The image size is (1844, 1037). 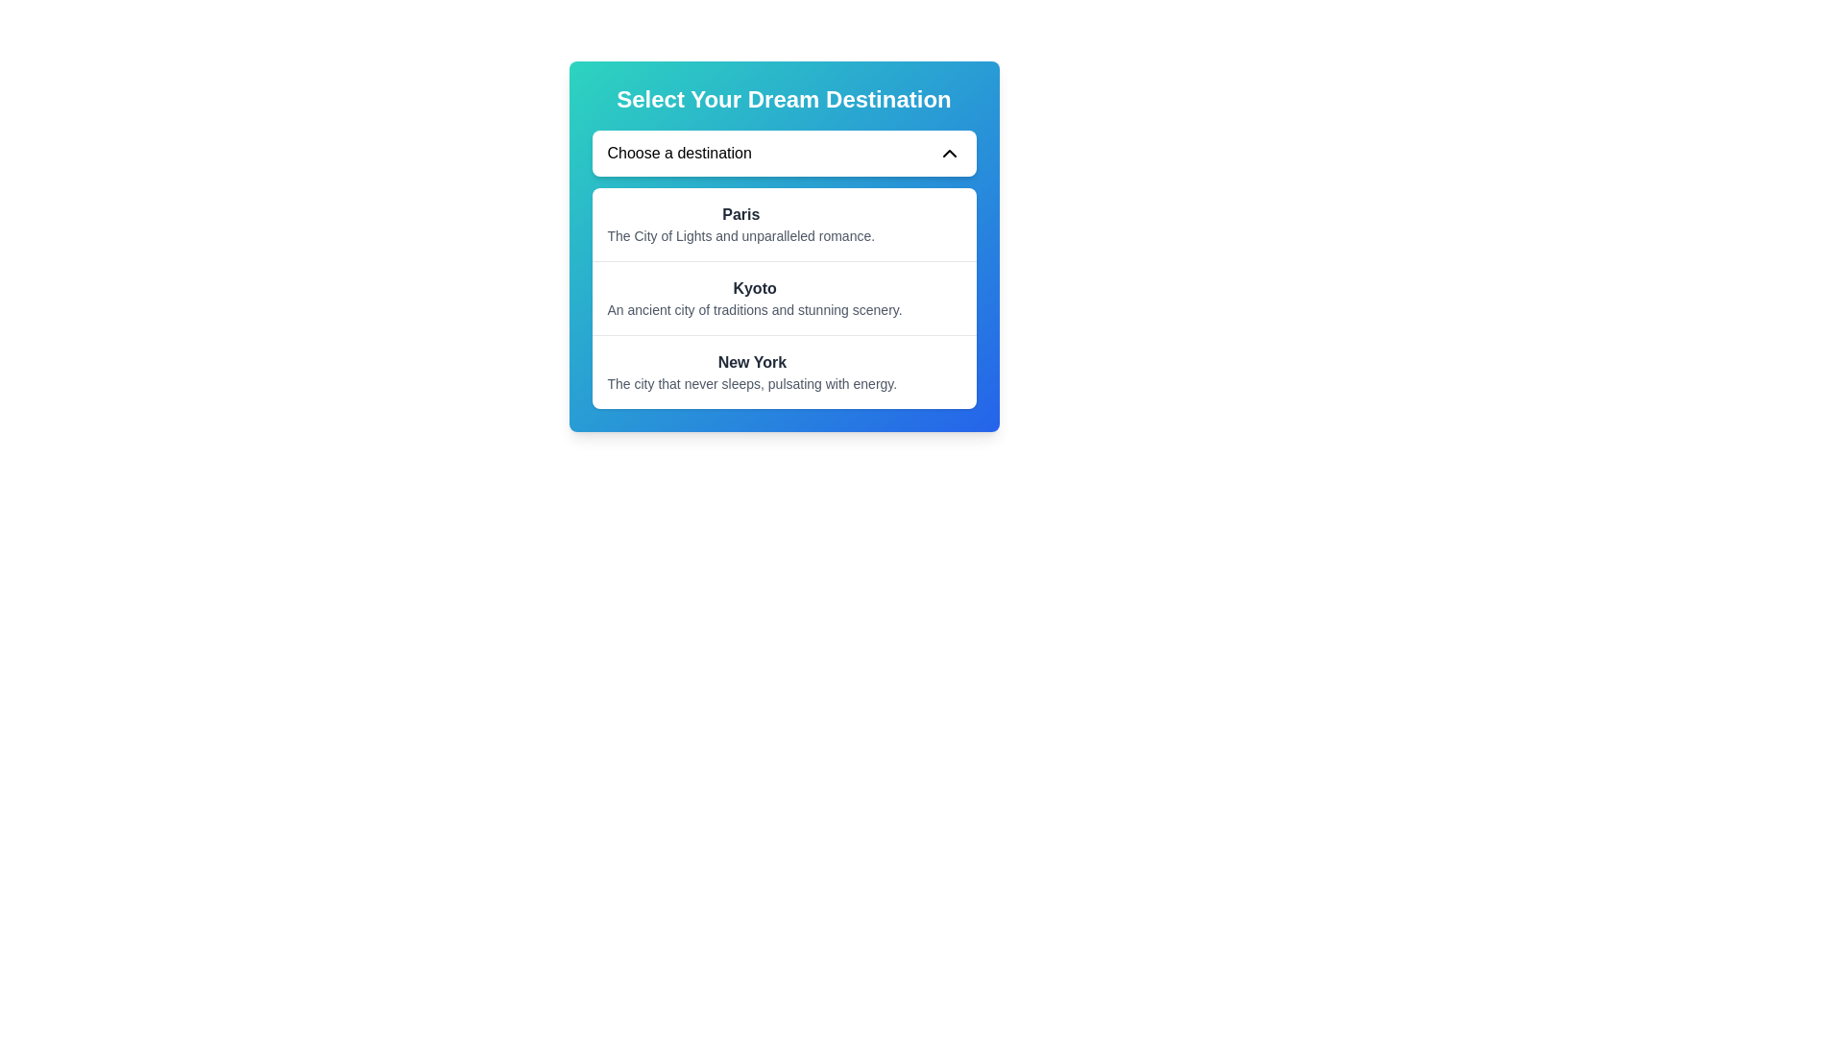 What do you see at coordinates (784, 224) in the screenshot?
I see `the first list item representing the option 'Paris' in the destination selection list` at bounding box center [784, 224].